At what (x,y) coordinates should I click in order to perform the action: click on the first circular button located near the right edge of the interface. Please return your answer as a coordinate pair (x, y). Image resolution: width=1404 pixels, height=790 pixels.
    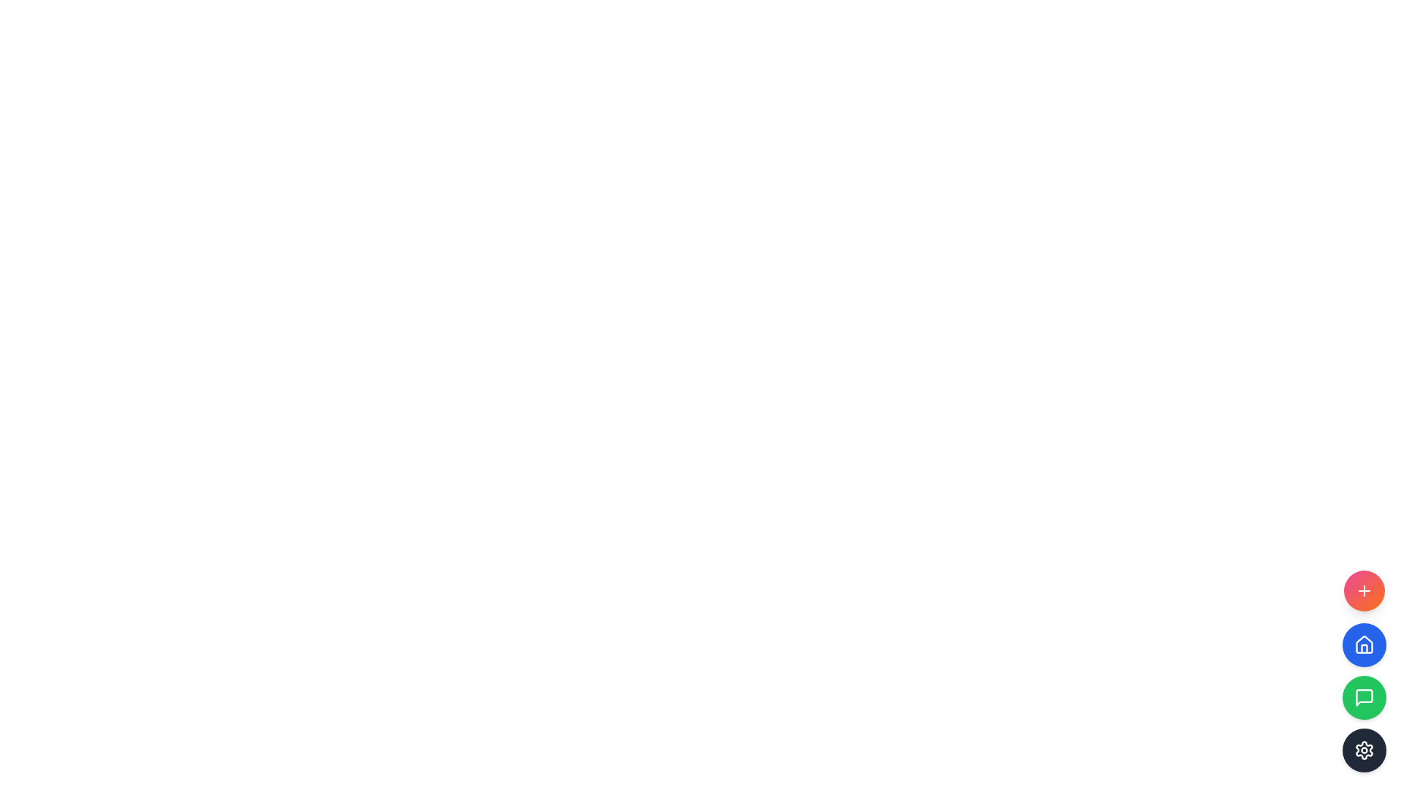
    Looking at the image, I should click on (1364, 590).